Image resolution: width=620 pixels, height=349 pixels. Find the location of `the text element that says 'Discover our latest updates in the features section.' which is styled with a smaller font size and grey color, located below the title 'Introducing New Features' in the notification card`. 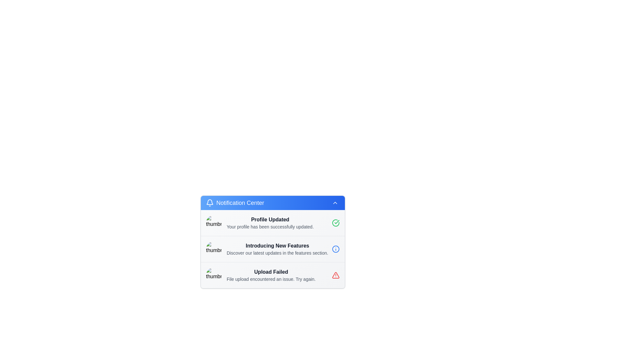

the text element that says 'Discover our latest updates in the features section.' which is styled with a smaller font size and grey color, located below the title 'Introducing New Features' in the notification card is located at coordinates (277, 253).